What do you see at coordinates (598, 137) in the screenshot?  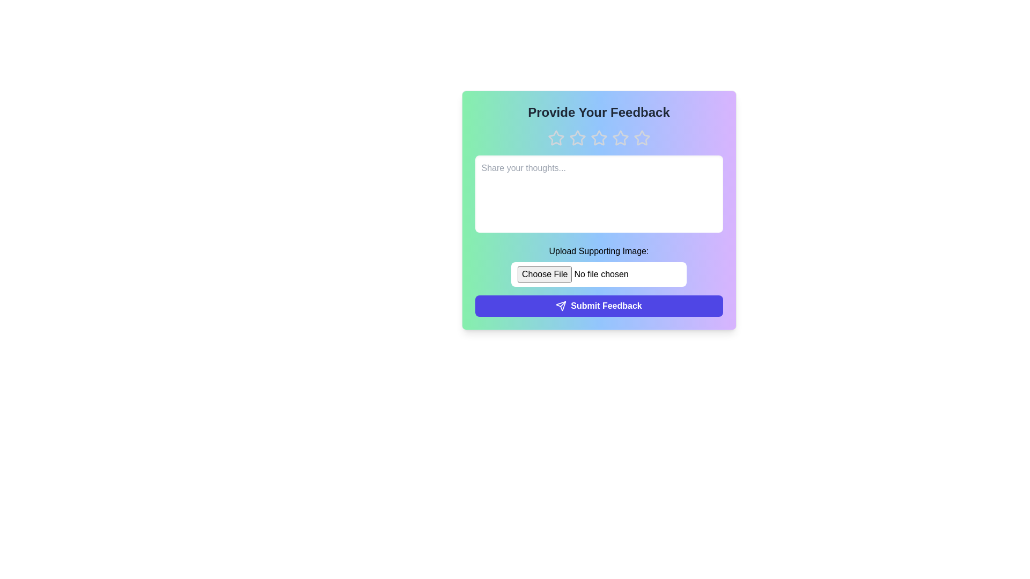 I see `the third star icon in the five-star rating system` at bounding box center [598, 137].